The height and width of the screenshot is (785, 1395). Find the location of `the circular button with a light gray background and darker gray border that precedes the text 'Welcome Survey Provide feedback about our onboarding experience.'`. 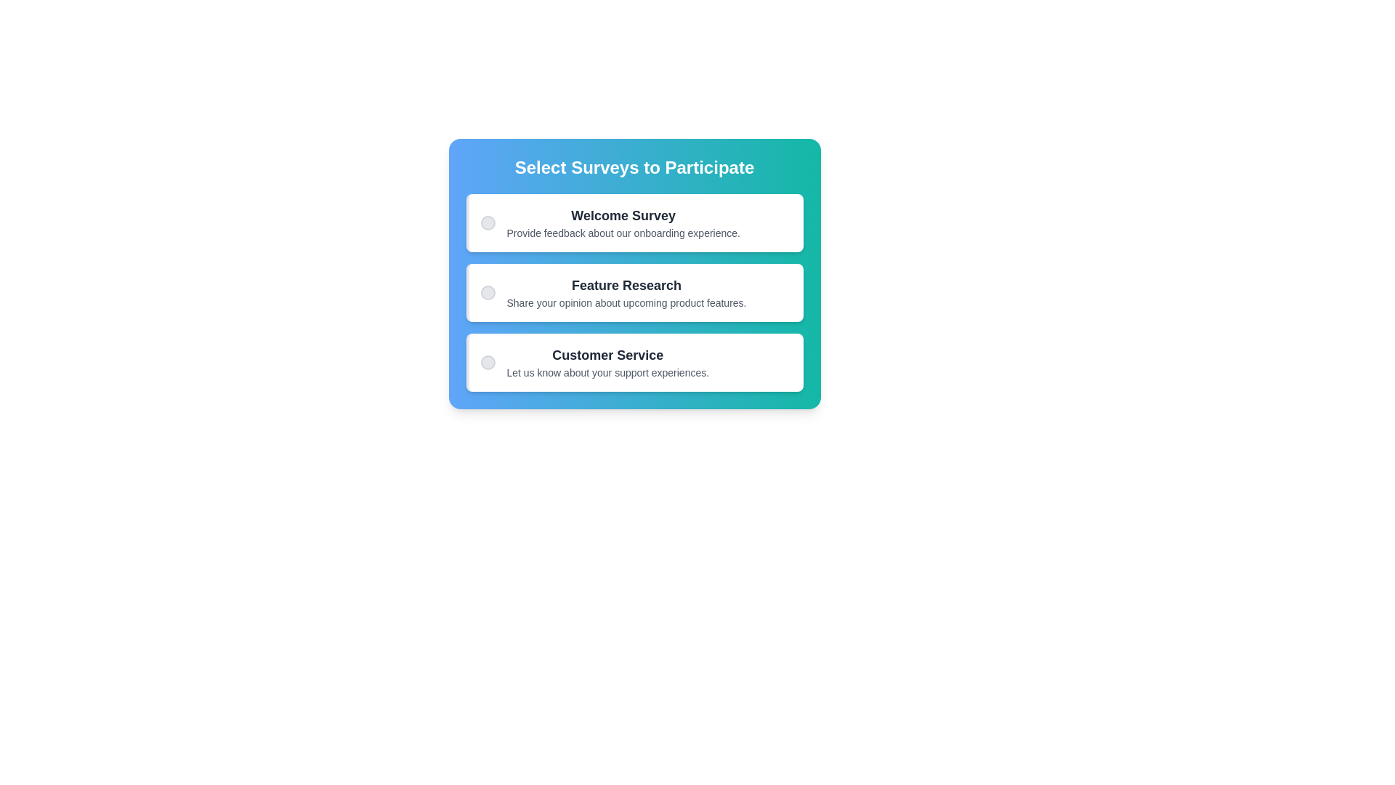

the circular button with a light gray background and darker gray border that precedes the text 'Welcome Survey Provide feedback about our onboarding experience.' is located at coordinates (488, 223).